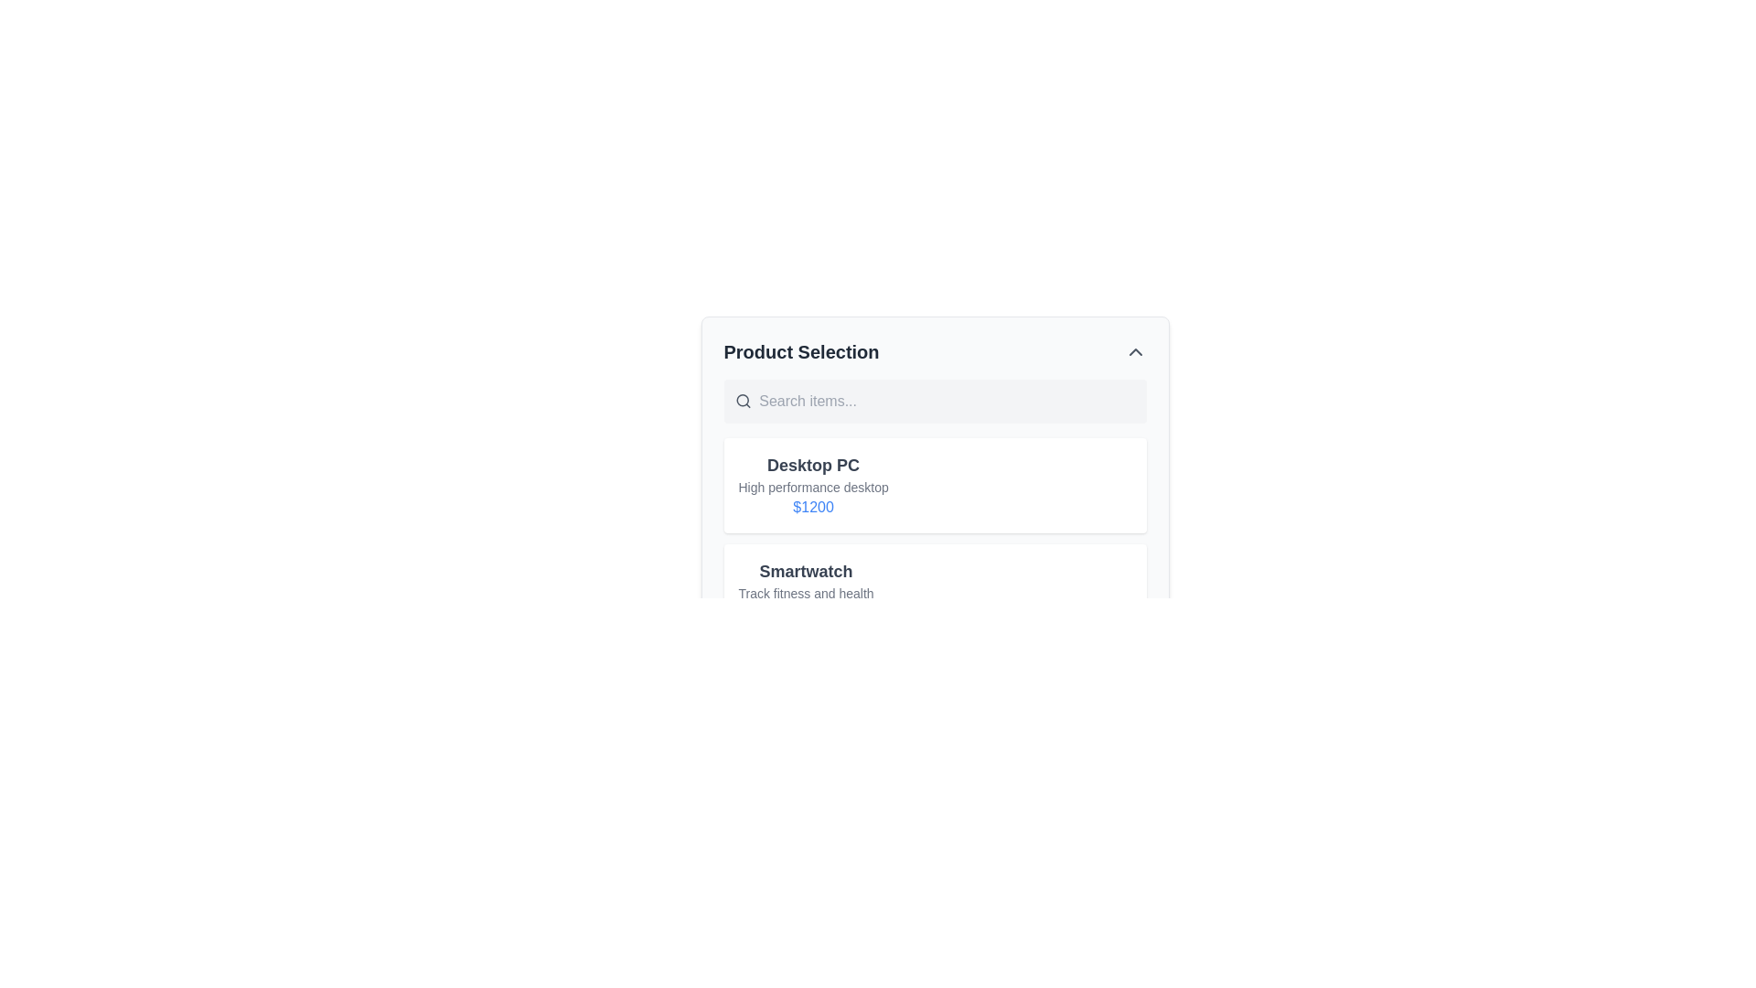 The height and width of the screenshot is (988, 1756). I want to click on price value displayed as '$1200' in blue font, located at the bottom of the product summary block, beneath the product name 'Desktop PC' and description 'High performance desktop', so click(812, 508).